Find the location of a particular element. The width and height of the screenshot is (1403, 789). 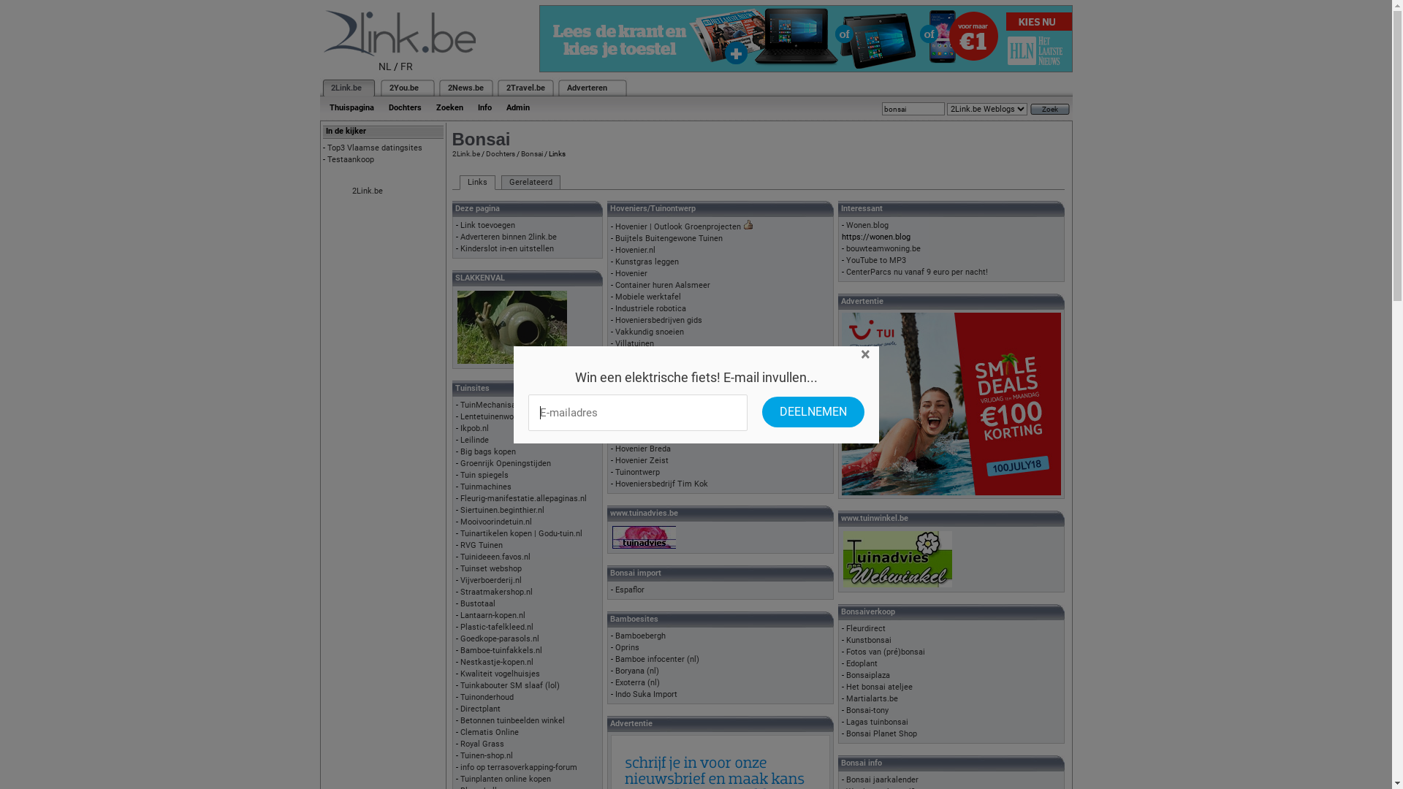

'Lentetuinenwoonbeurs.nl' is located at coordinates (459, 416).